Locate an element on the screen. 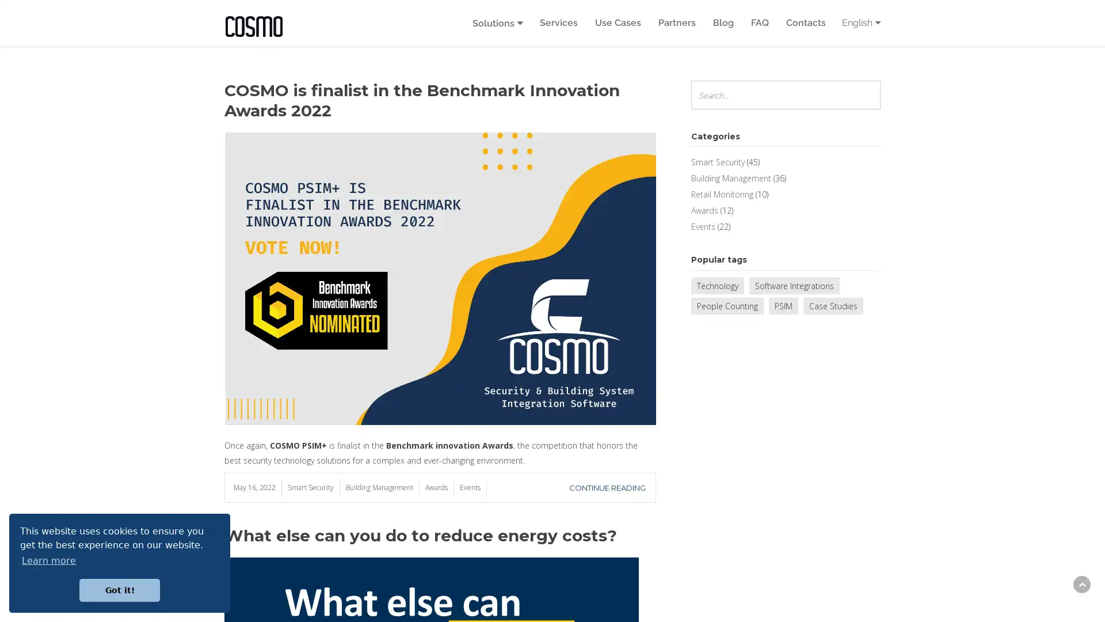 The height and width of the screenshot is (622, 1105). learn more about cookies is located at coordinates (48, 560).